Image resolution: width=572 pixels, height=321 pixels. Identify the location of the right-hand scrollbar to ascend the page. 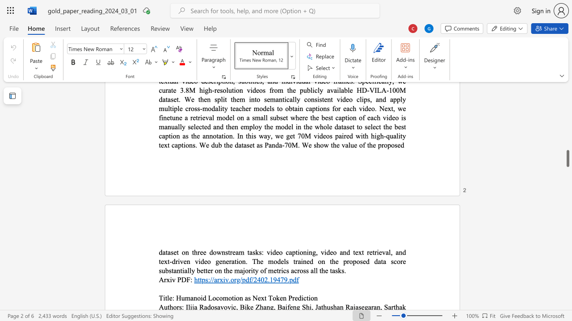
(567, 169).